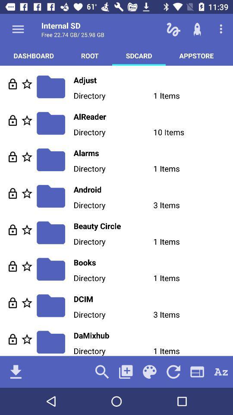  What do you see at coordinates (12, 84) in the screenshot?
I see `folder lock` at bounding box center [12, 84].